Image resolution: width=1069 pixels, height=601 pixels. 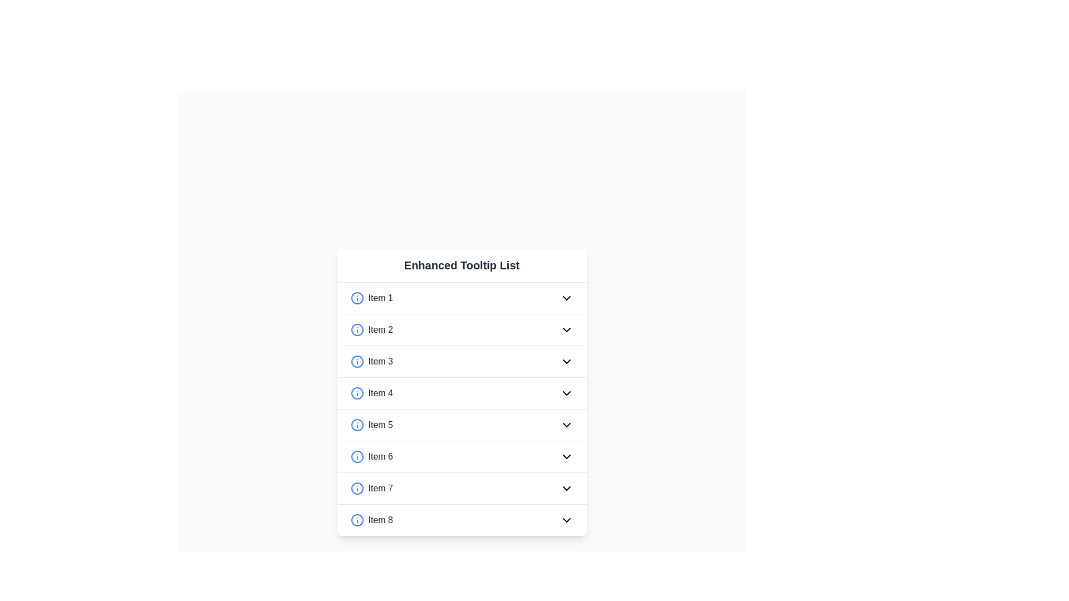 What do you see at coordinates (371, 425) in the screenshot?
I see `the first list item with icon and text representing 'Item 5'` at bounding box center [371, 425].